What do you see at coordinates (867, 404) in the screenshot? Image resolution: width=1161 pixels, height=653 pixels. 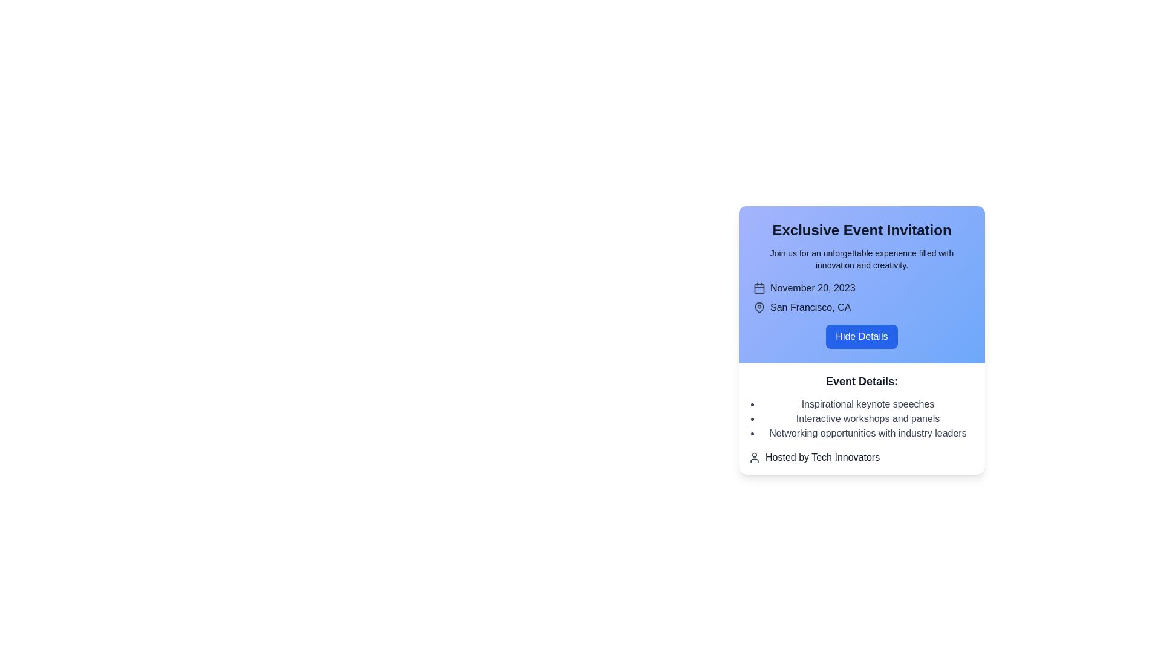 I see `the first item in the bulleted list under the 'Event Details' section, which is a non-interactive Text Label conveying information about the event feature` at bounding box center [867, 404].